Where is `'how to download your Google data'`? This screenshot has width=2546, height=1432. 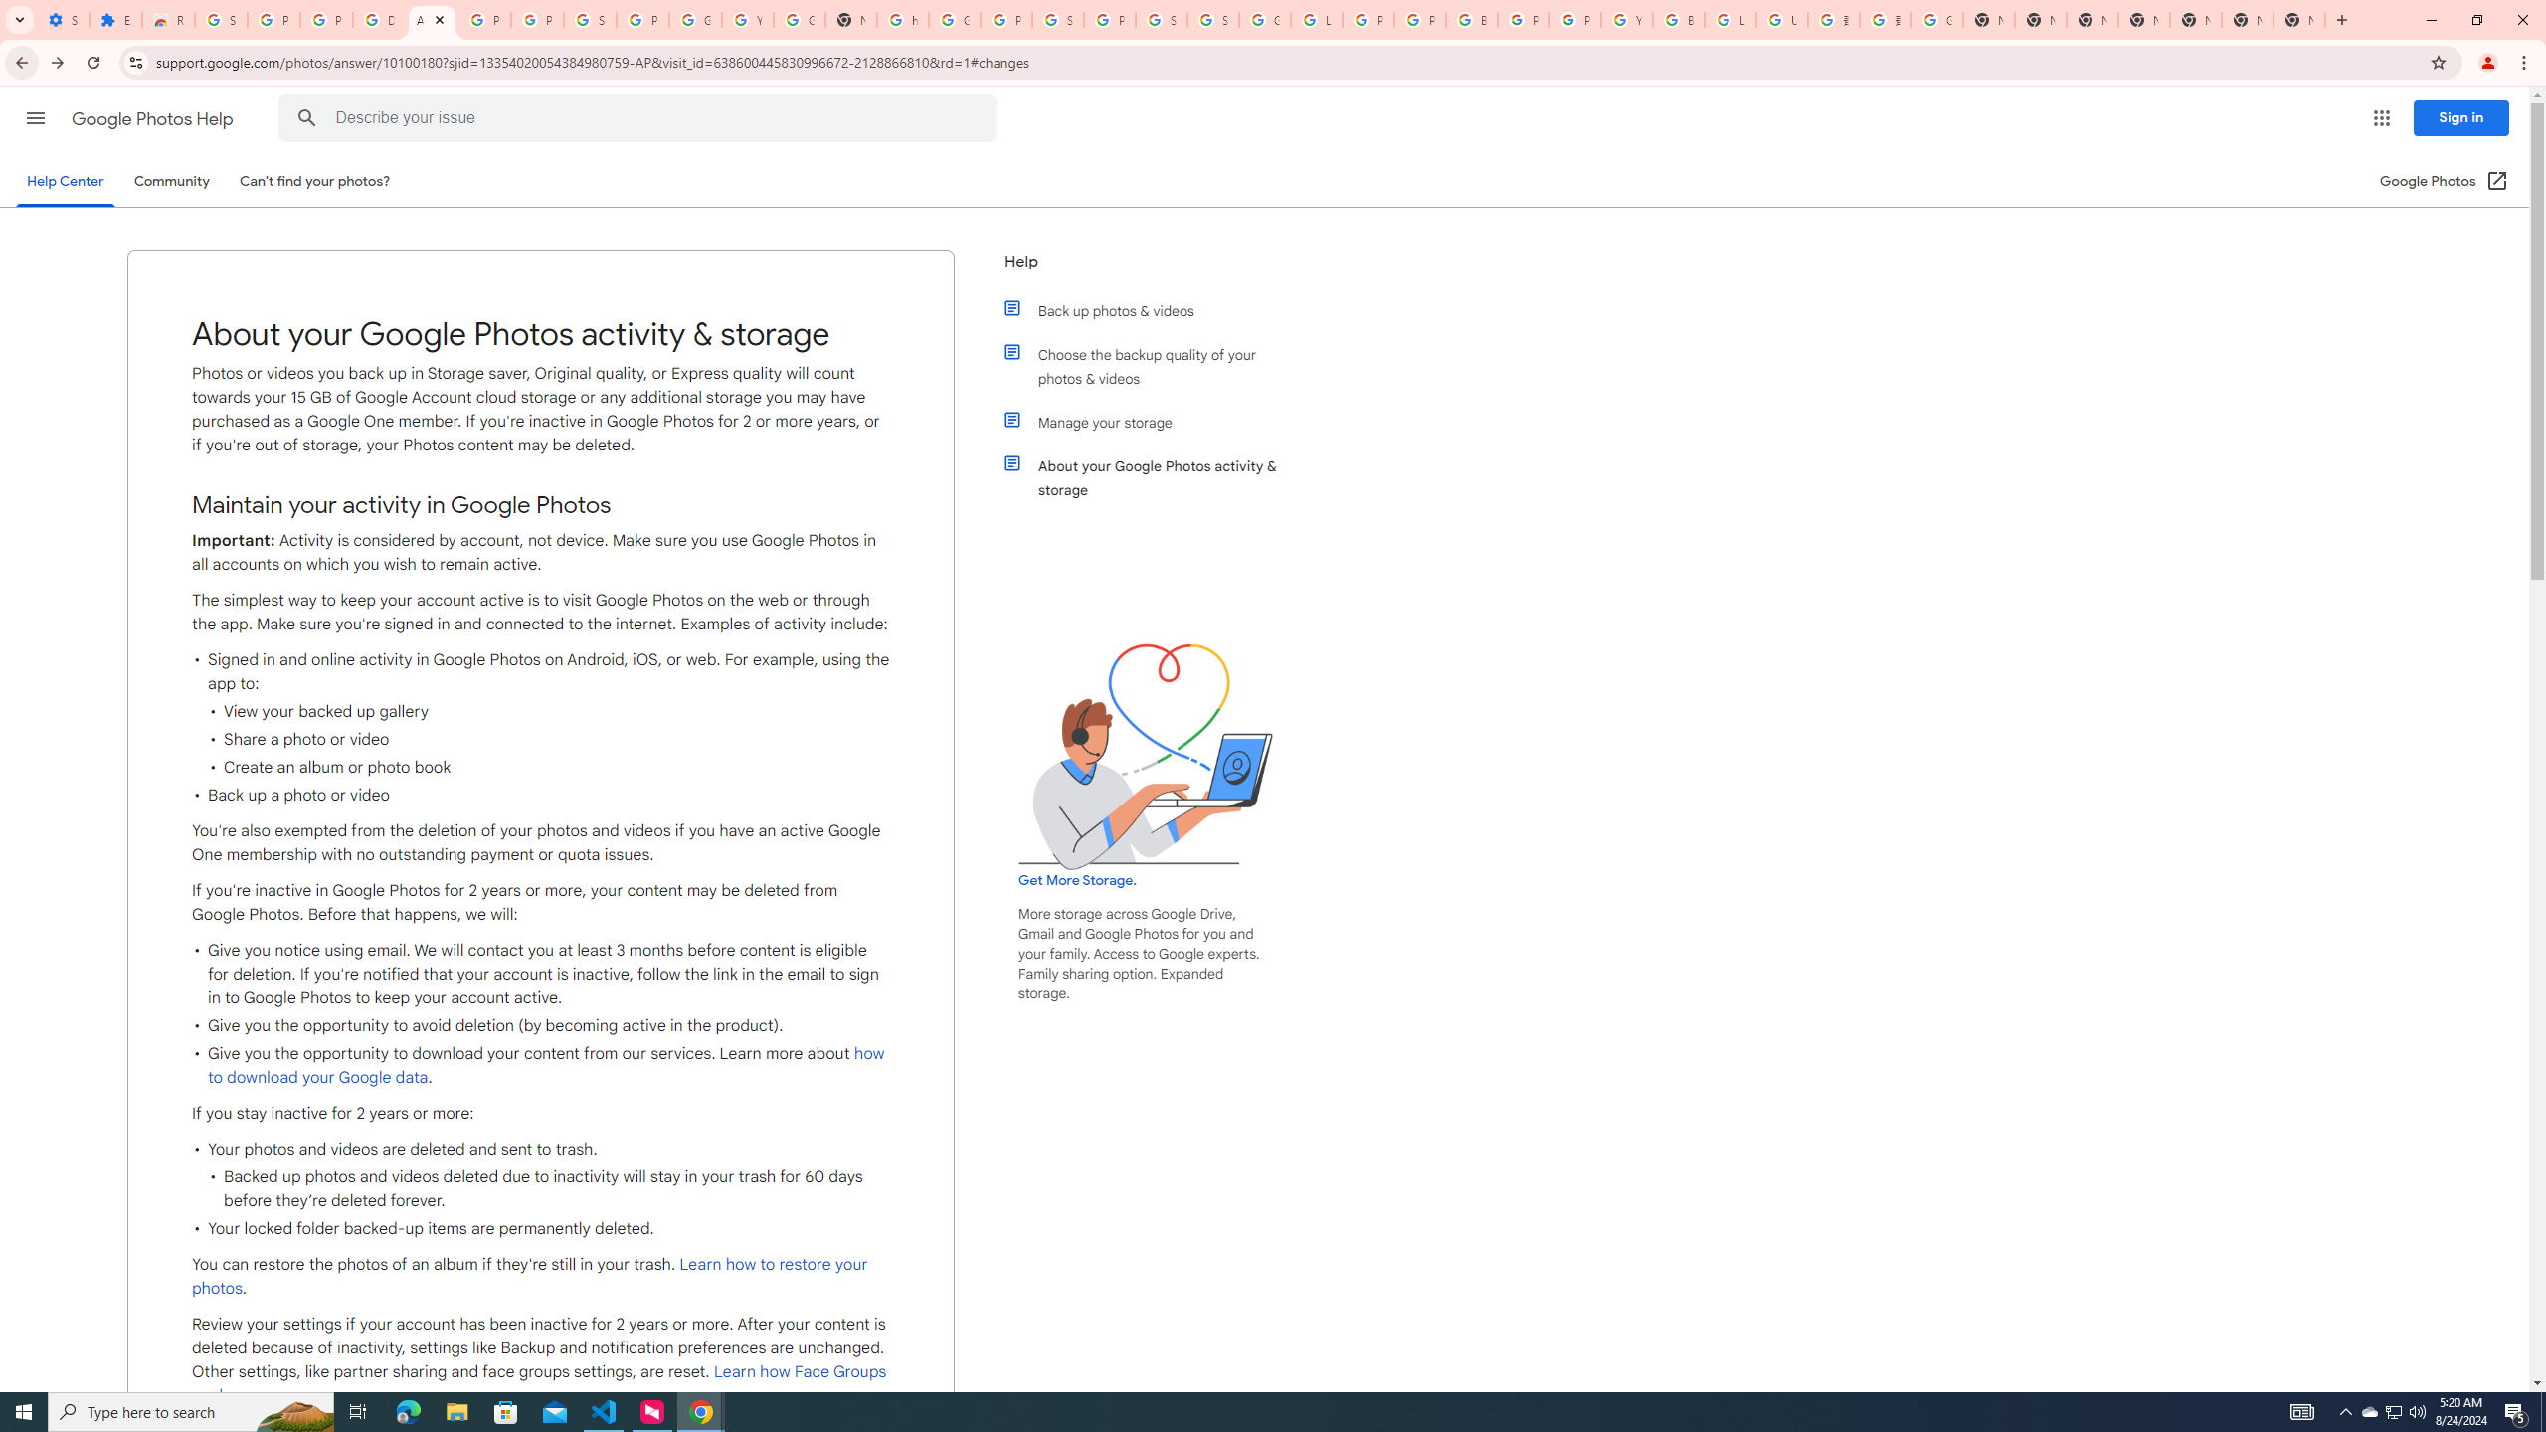
'how to download your Google data' is located at coordinates (547, 1066).